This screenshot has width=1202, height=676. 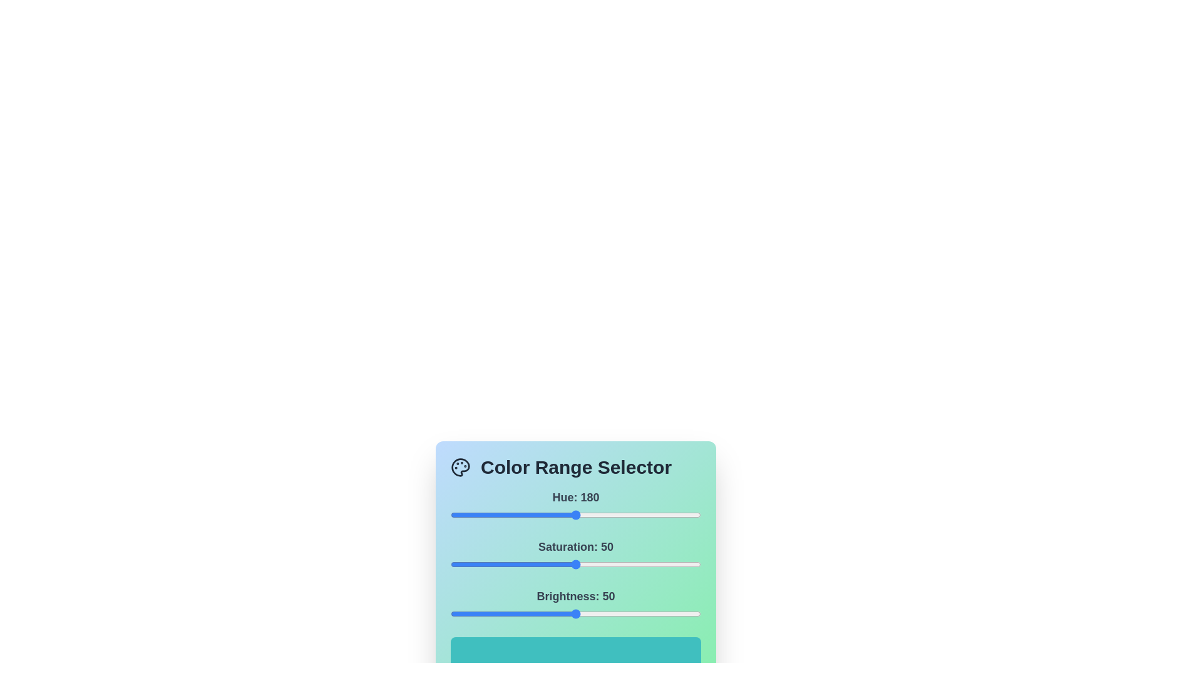 I want to click on the brightness slider to set the brightness value to 48, so click(x=570, y=613).